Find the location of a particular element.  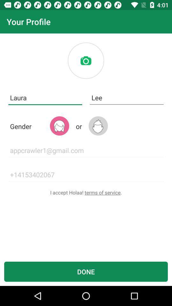

the avatar icon is located at coordinates (98, 126).